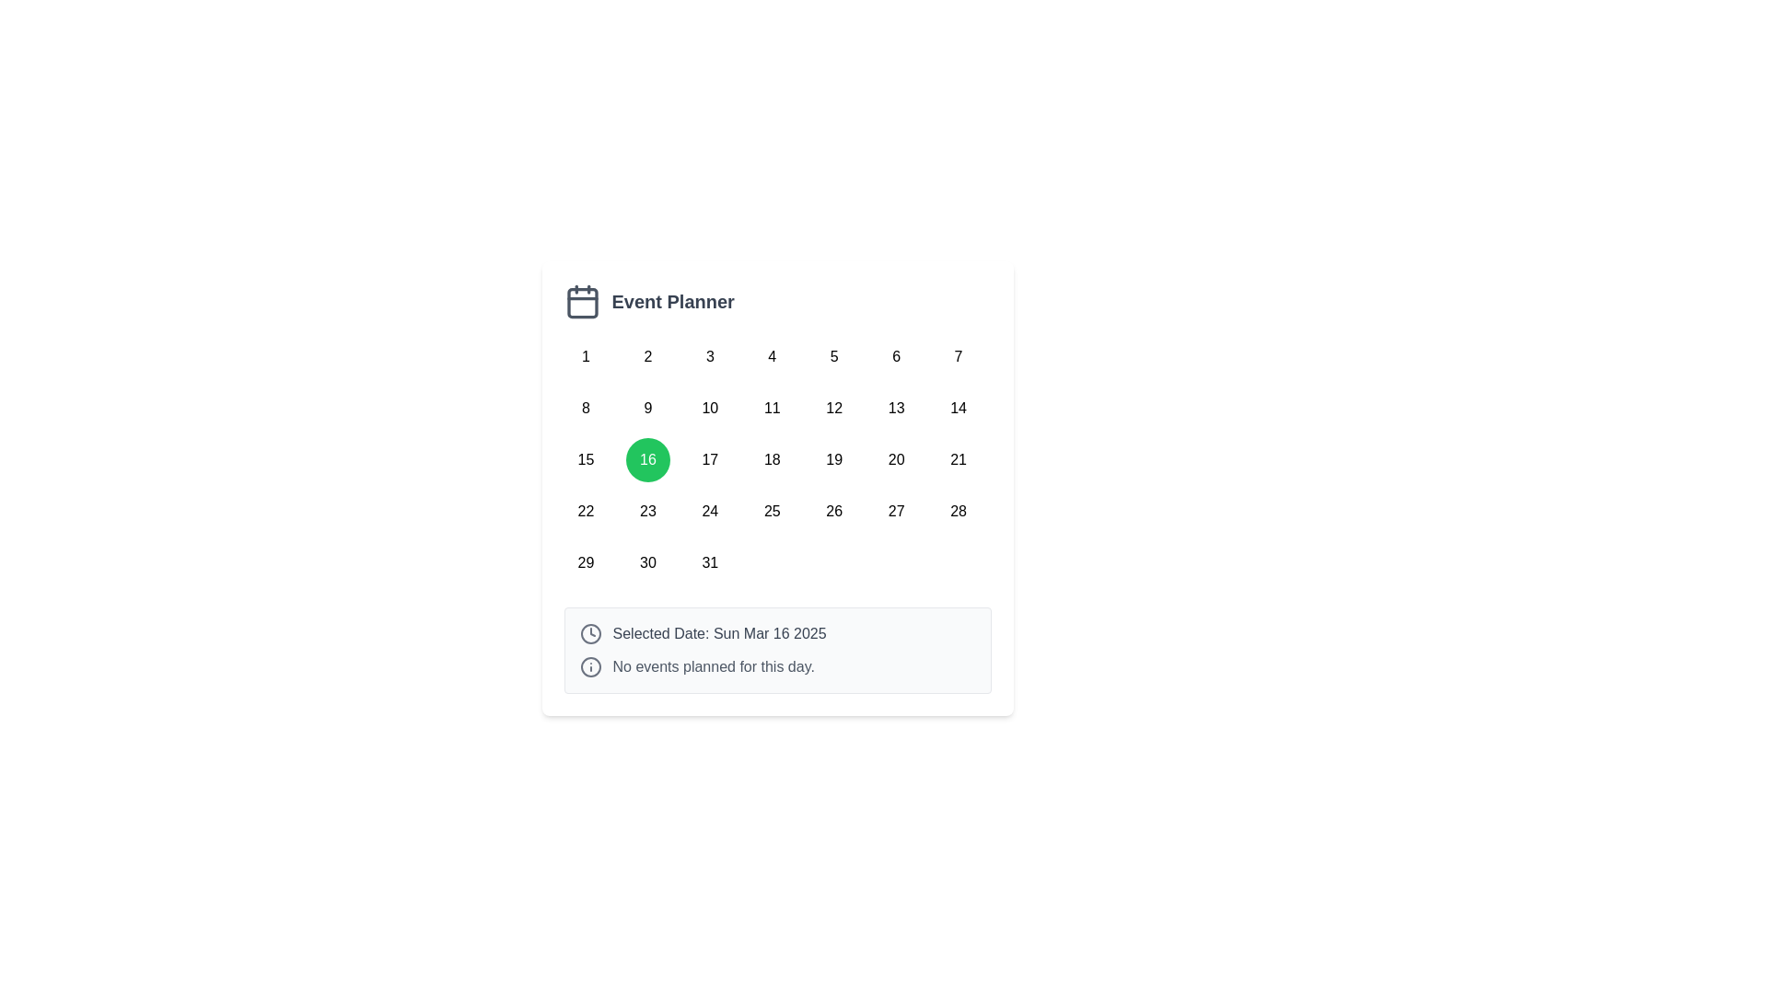 The width and height of the screenshot is (1768, 994). Describe the element at coordinates (585, 407) in the screenshot. I see `the circular button labeled '8' in the calendar grid` at that location.